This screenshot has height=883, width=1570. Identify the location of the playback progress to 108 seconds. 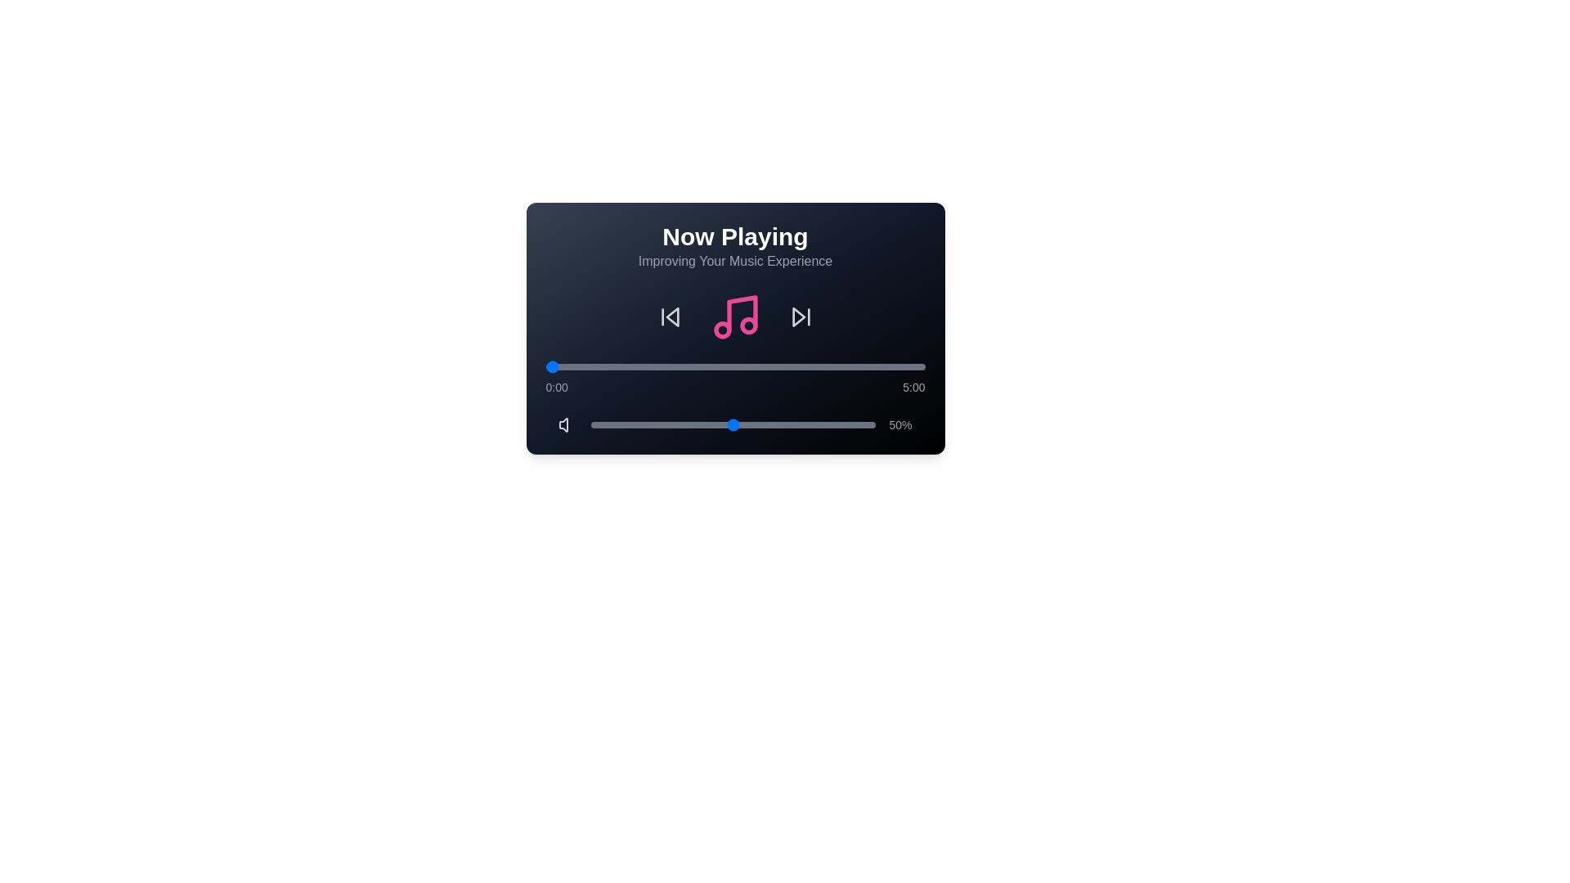
(682, 365).